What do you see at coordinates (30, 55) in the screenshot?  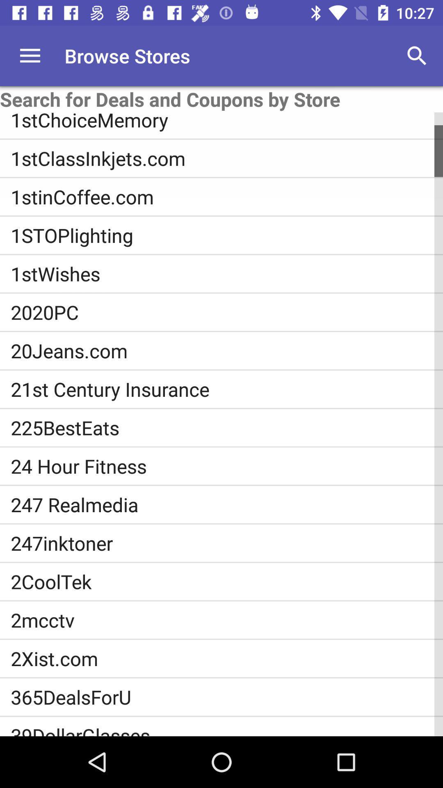 I see `app to the left of browse stores icon` at bounding box center [30, 55].